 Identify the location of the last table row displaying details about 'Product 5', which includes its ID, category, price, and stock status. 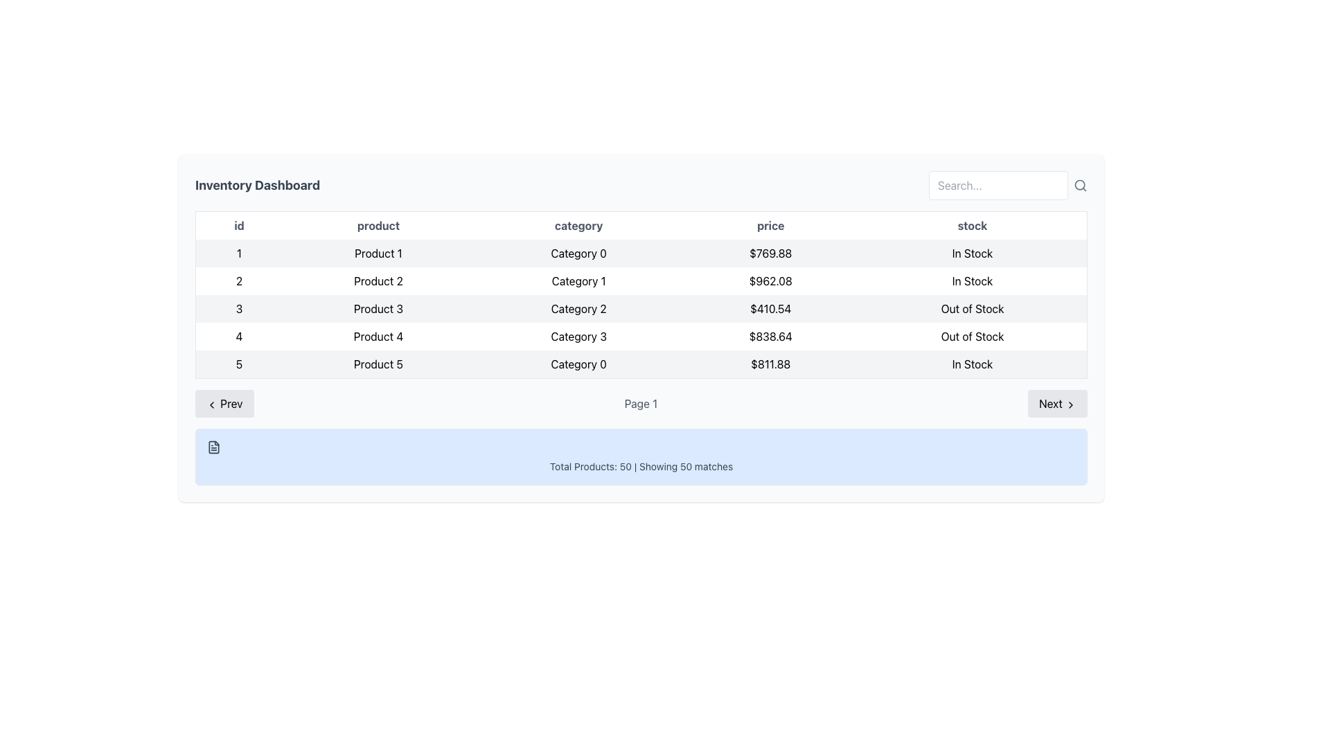
(641, 363).